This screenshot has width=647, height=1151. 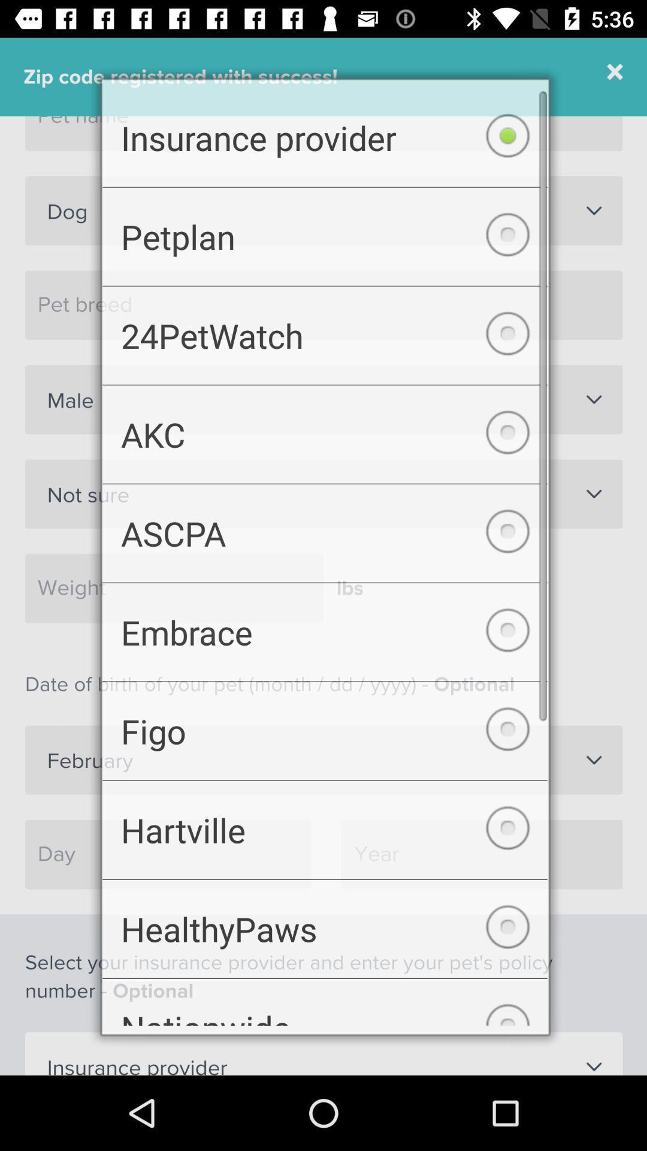 I want to click on the akc item, so click(x=325, y=431).